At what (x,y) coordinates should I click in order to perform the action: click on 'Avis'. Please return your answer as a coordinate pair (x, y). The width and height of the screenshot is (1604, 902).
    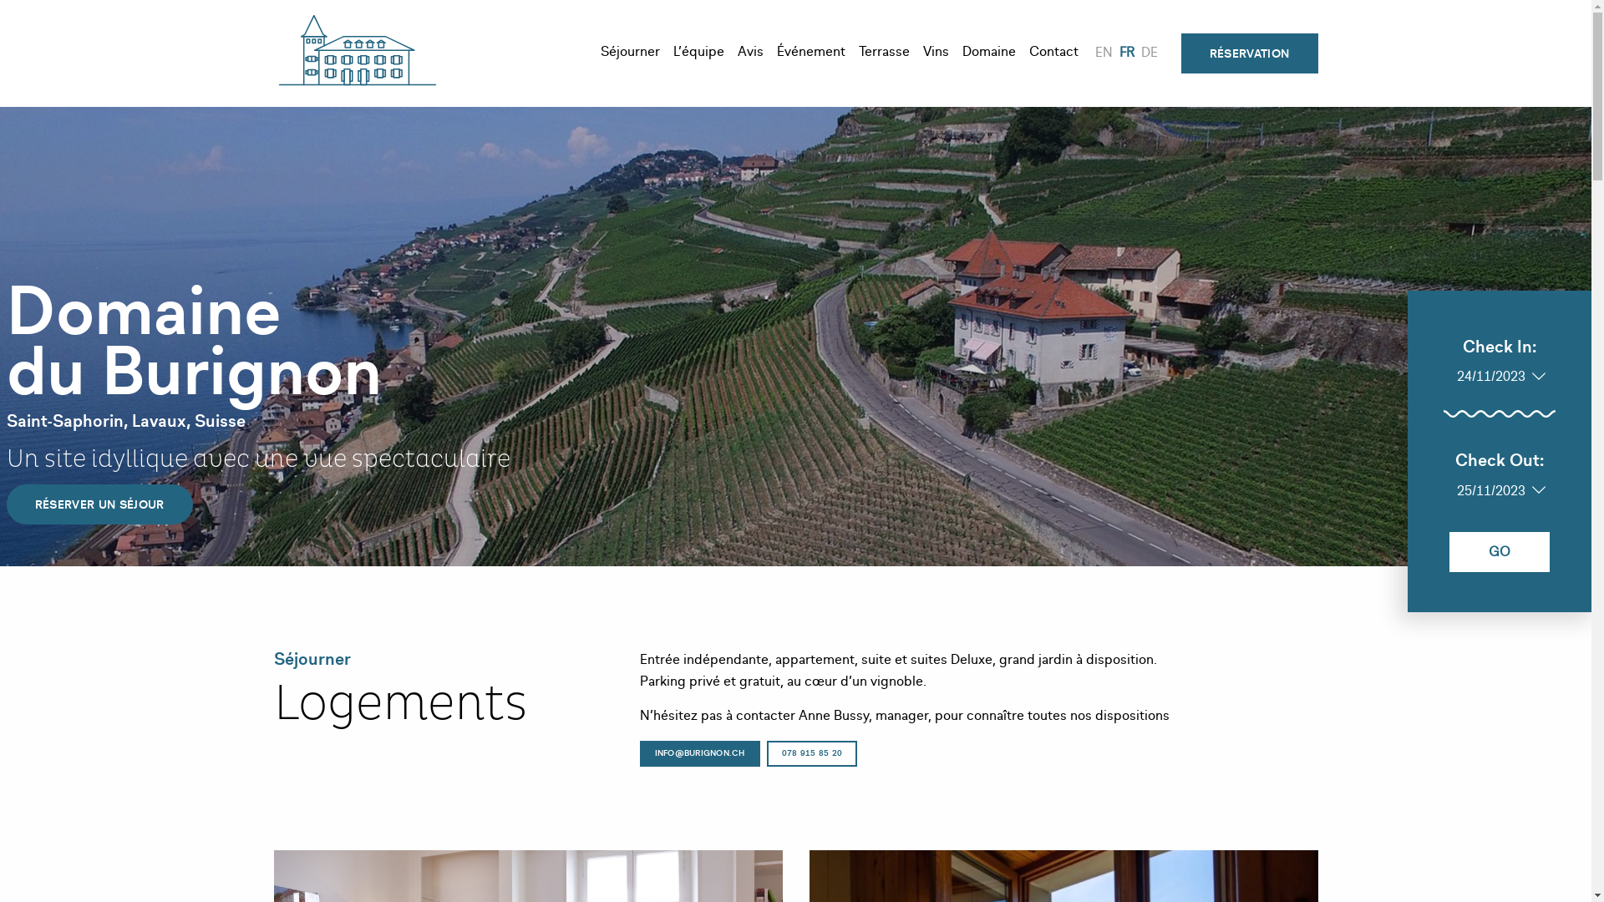
    Looking at the image, I should click on (749, 53).